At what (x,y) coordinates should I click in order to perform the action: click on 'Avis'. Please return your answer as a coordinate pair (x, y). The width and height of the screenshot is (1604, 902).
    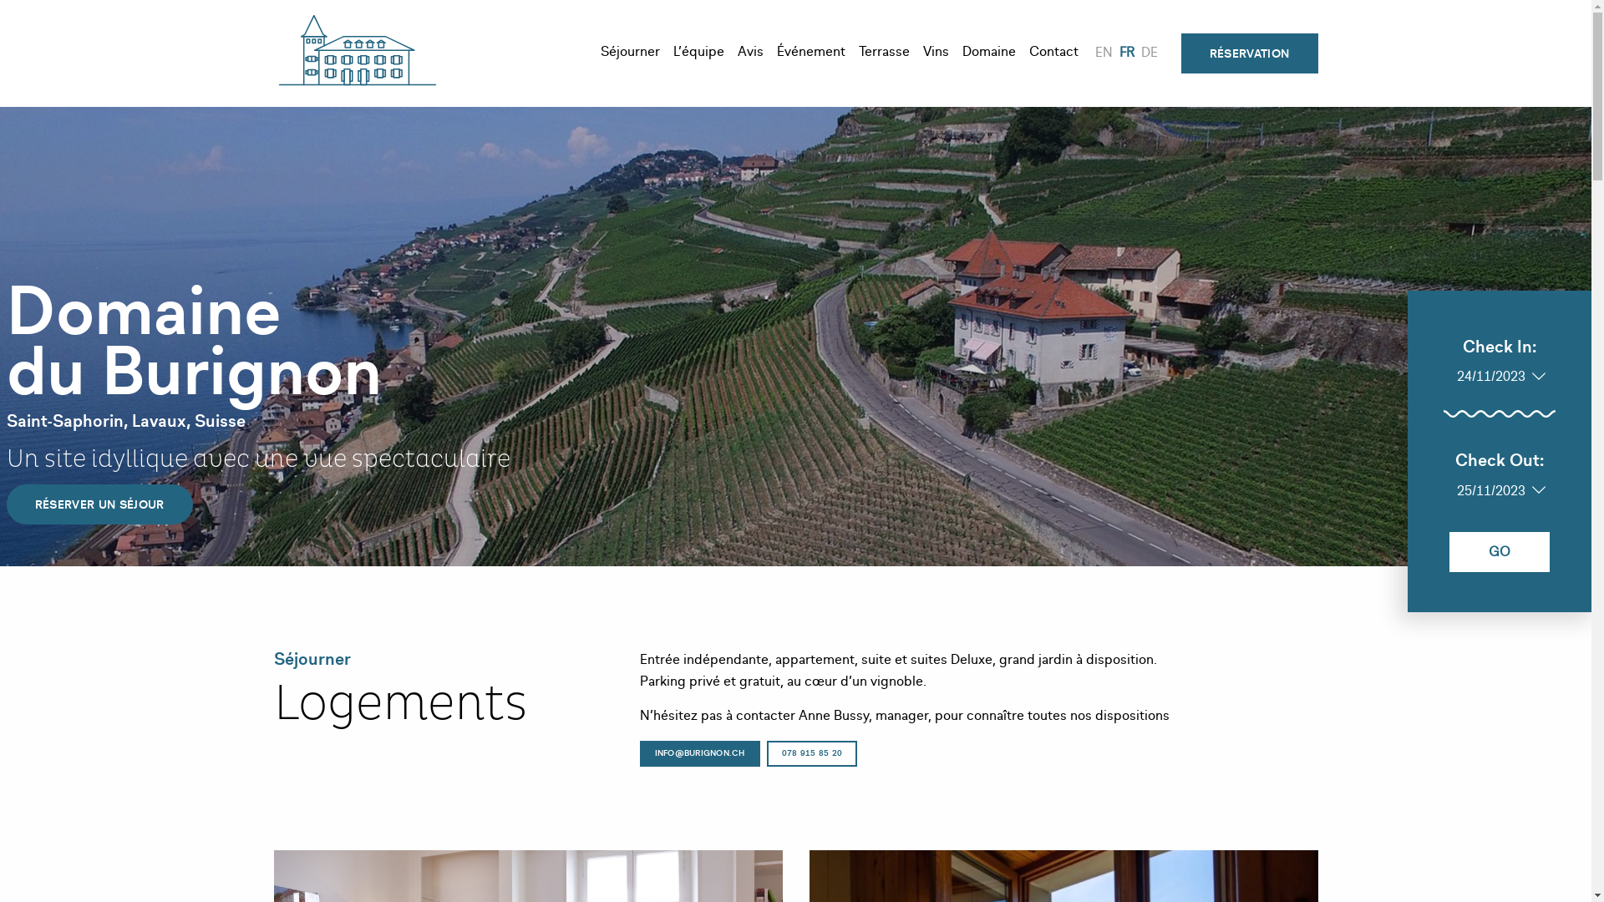
    Looking at the image, I should click on (749, 53).